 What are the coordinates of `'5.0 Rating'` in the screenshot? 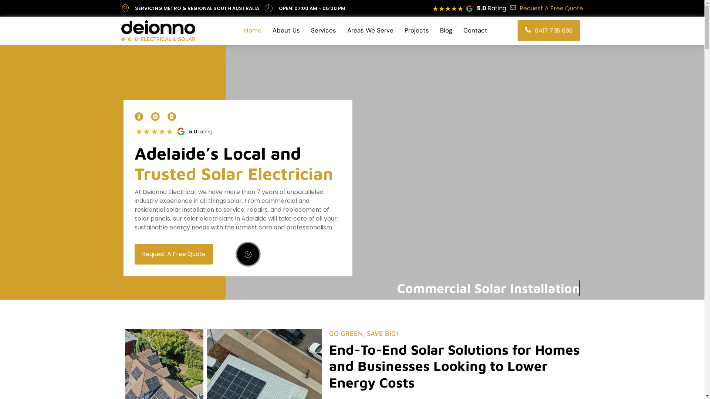 It's located at (491, 8).